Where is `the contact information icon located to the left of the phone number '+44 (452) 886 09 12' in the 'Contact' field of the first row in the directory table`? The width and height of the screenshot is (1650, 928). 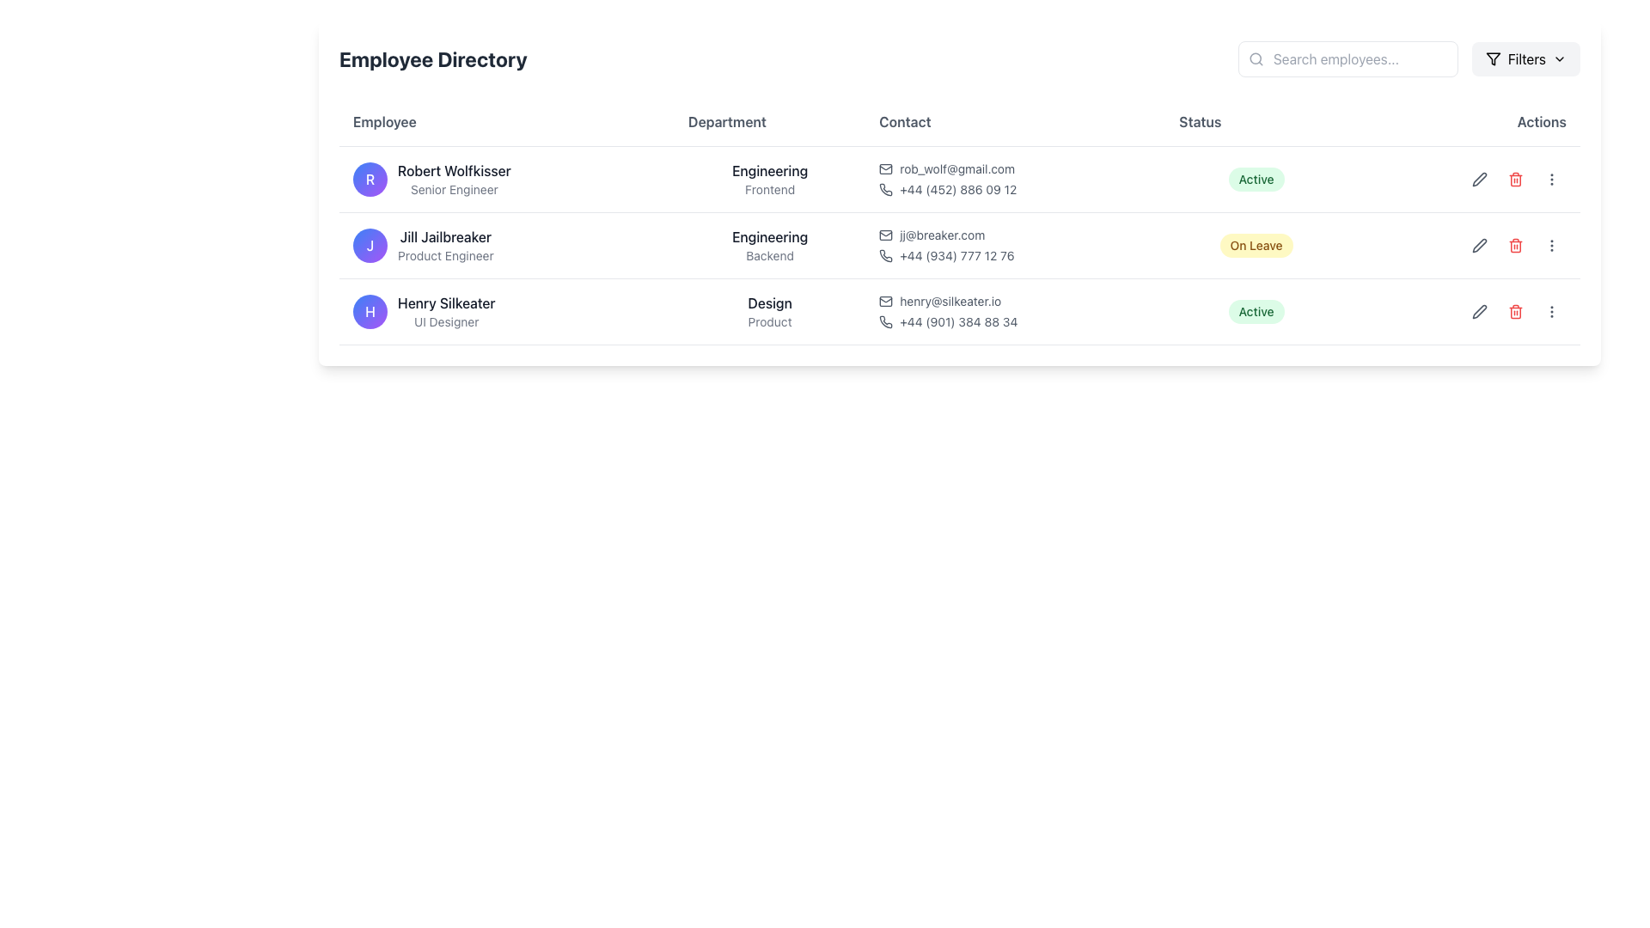
the contact information icon located to the left of the phone number '+44 (452) 886 09 12' in the 'Contact' field of the first row in the directory table is located at coordinates (886, 189).